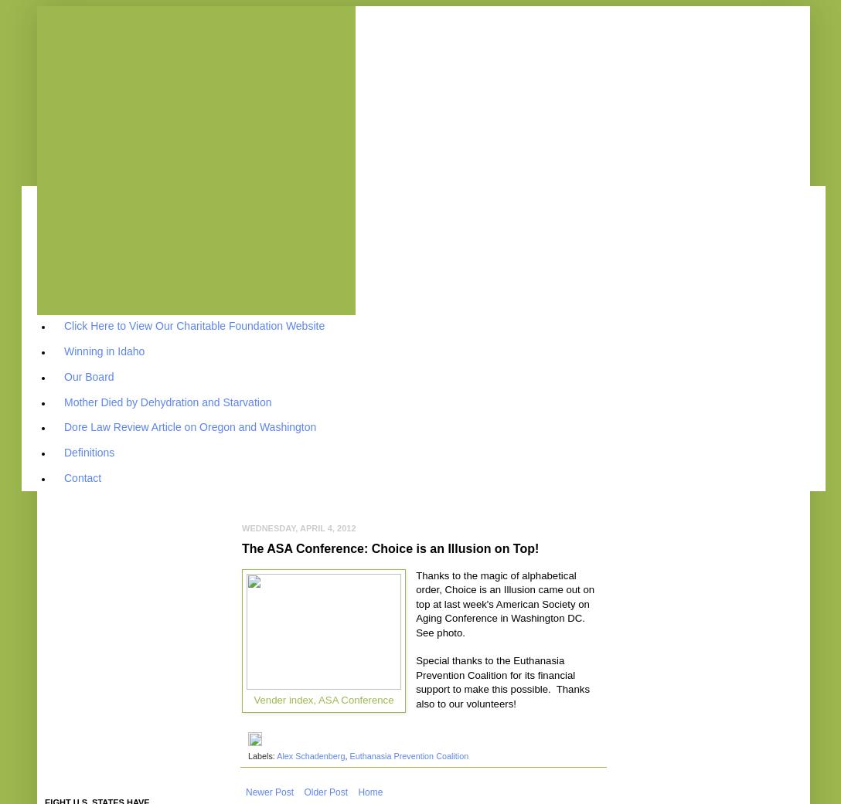 This screenshot has height=804, width=841. What do you see at coordinates (107, 172) in the screenshot?
I see `'Why Choice is an Illusion?'` at bounding box center [107, 172].